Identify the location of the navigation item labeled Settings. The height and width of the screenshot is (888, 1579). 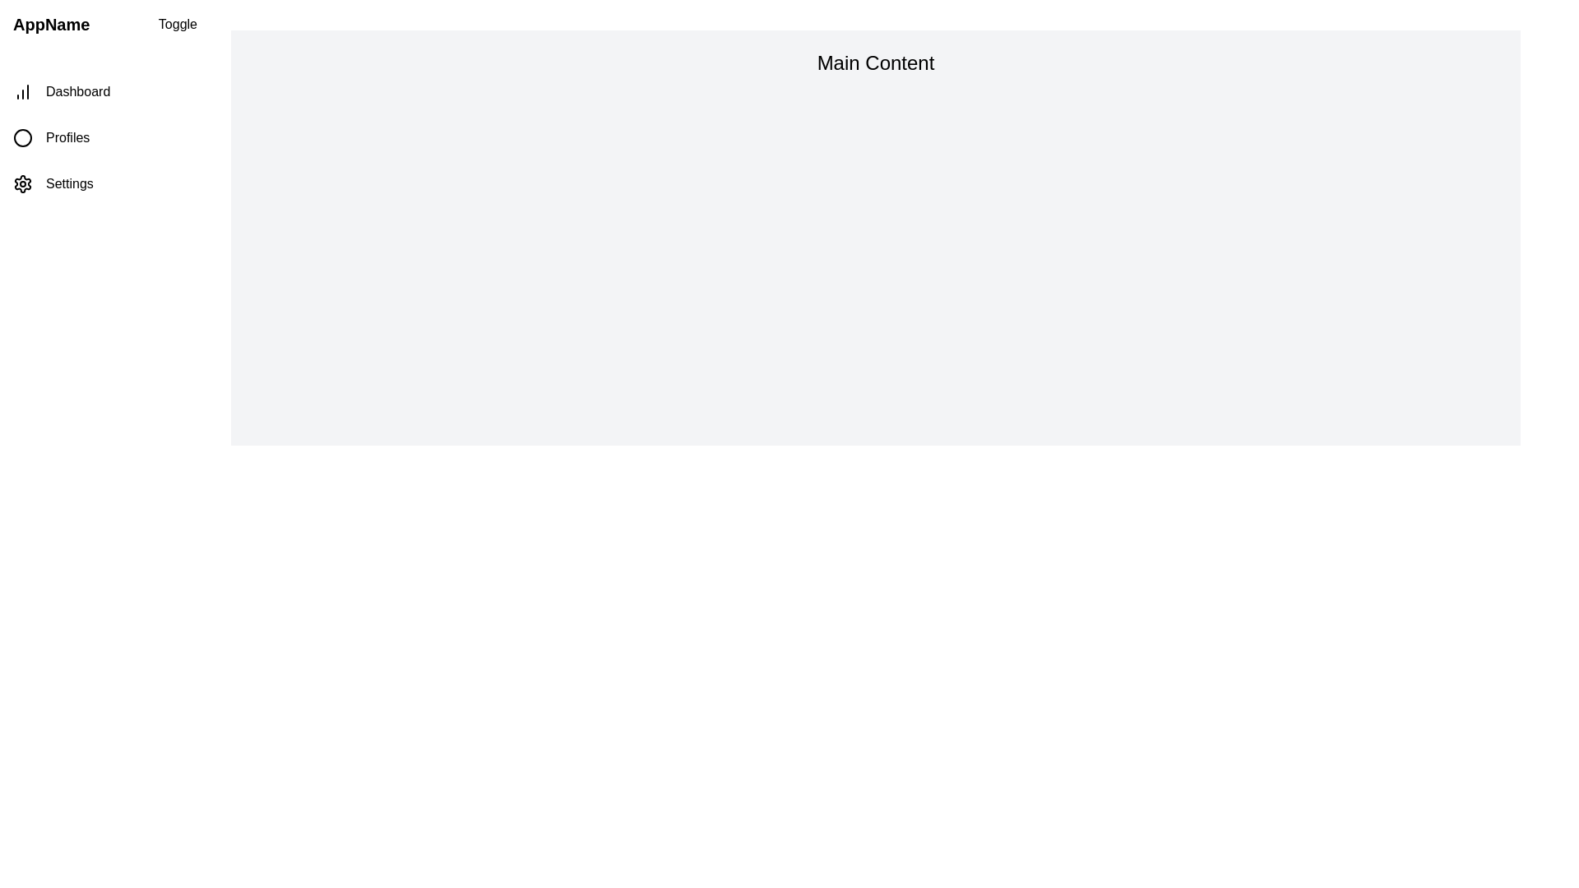
(104, 183).